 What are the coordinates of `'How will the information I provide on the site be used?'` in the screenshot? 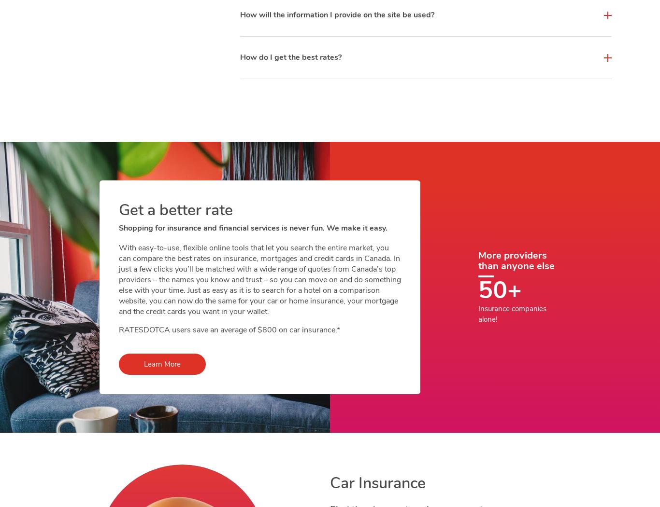 It's located at (336, 15).